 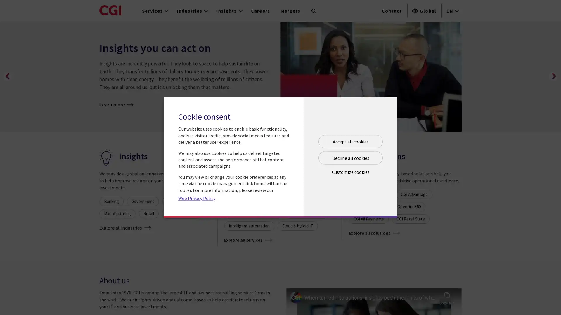 I want to click on Web Privacy Policy, so click(x=197, y=197).